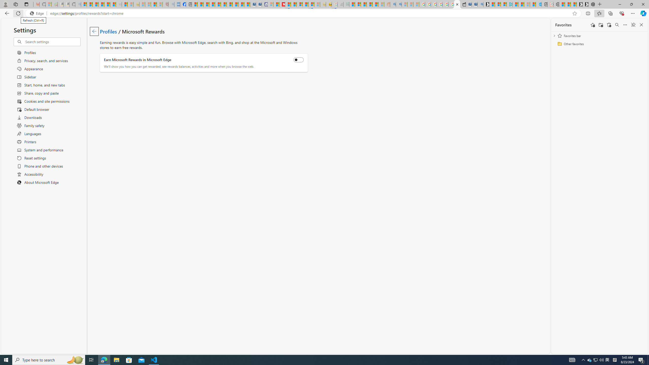 The height and width of the screenshot is (365, 649). What do you see at coordinates (375, 4) in the screenshot?
I see `'Student Loan Update: Forgiveness Program Ends This Month'` at bounding box center [375, 4].